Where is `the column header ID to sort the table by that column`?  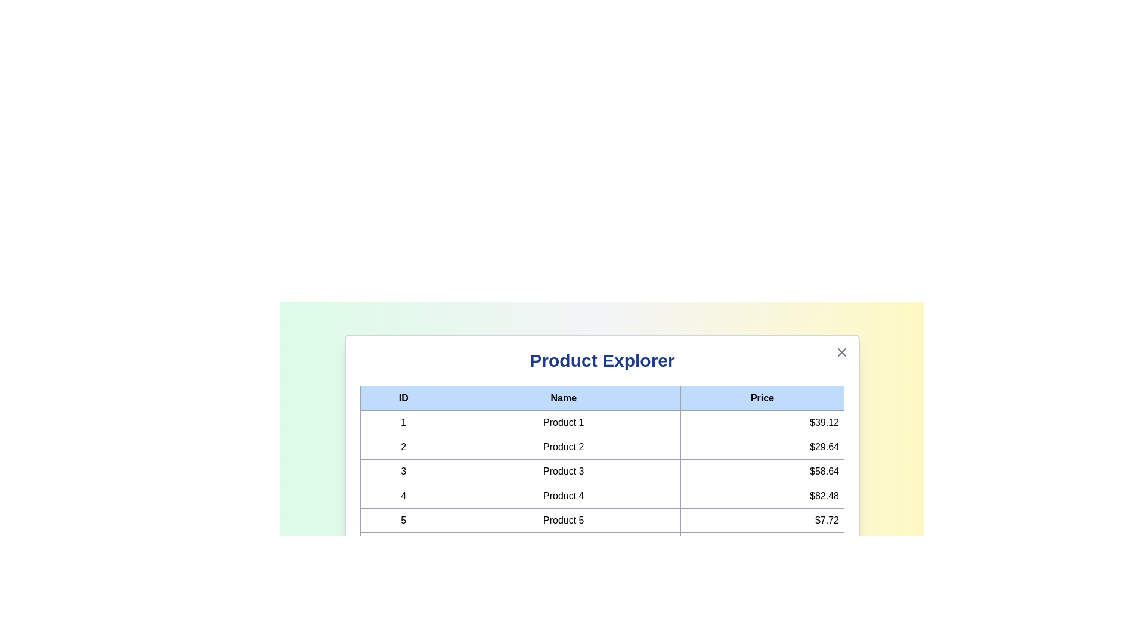
the column header ID to sort the table by that column is located at coordinates (403, 398).